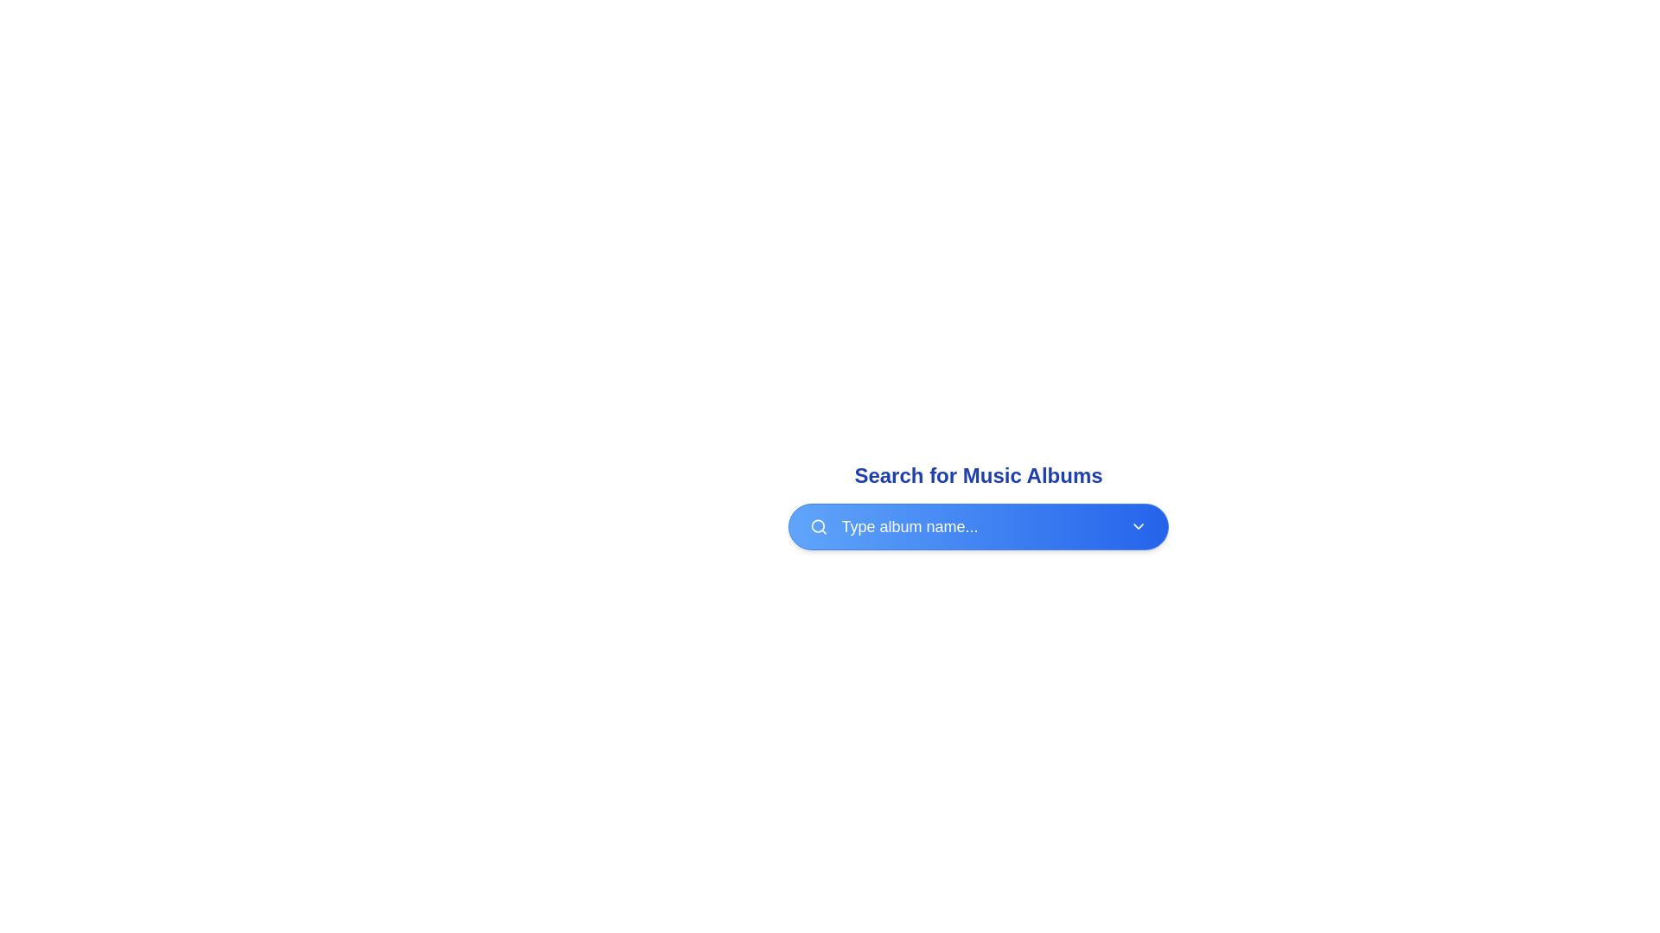 Image resolution: width=1660 pixels, height=933 pixels. I want to click on the search icon located in the music album search interface, which includes a text input field and dropdown menu, so click(979, 505).